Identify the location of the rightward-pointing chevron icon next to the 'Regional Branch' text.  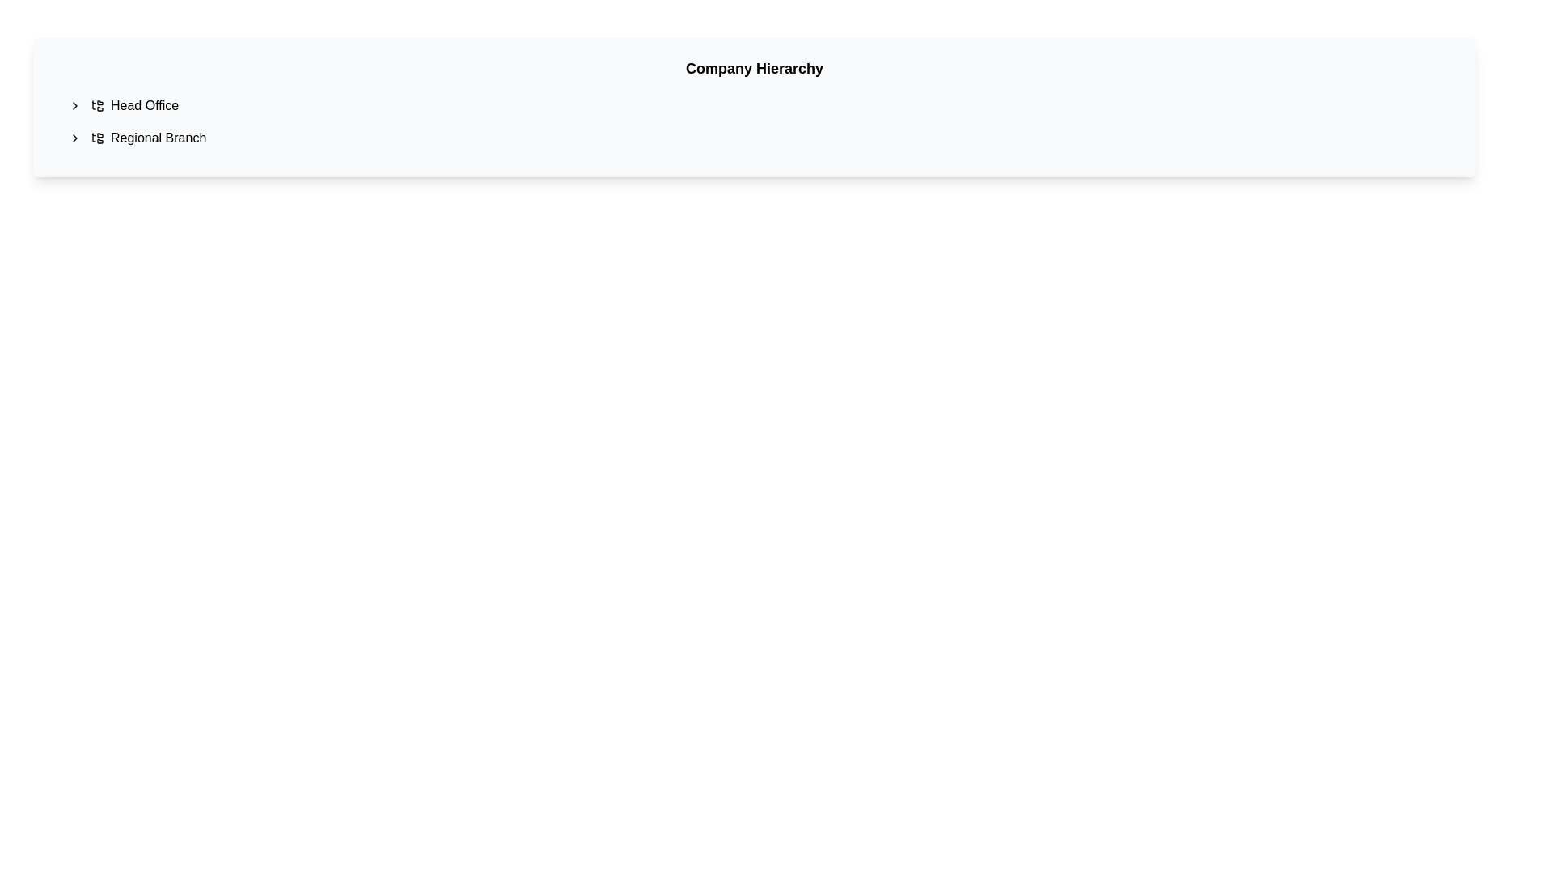
(74, 137).